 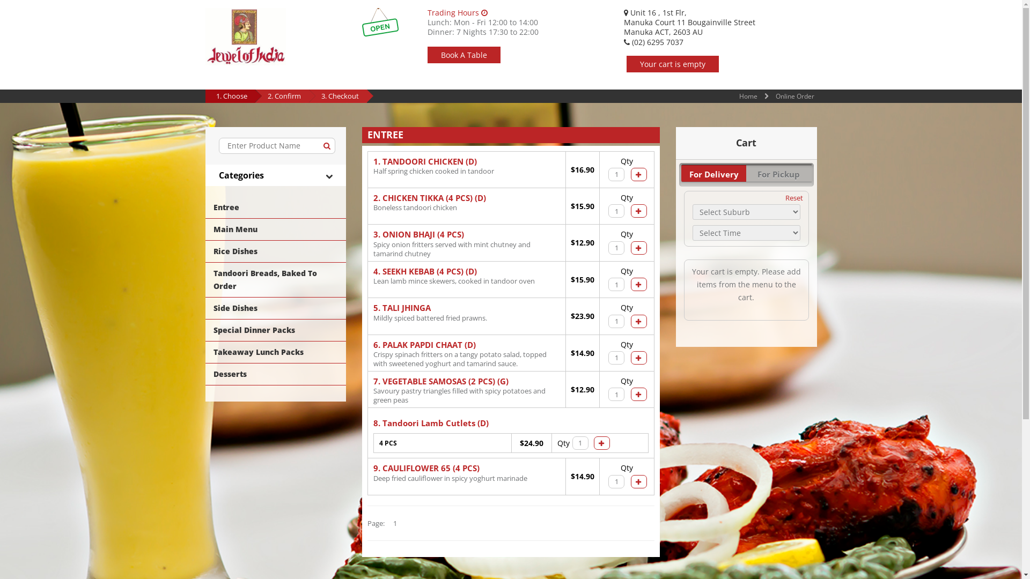 I want to click on 'For Delivery', so click(x=713, y=173).